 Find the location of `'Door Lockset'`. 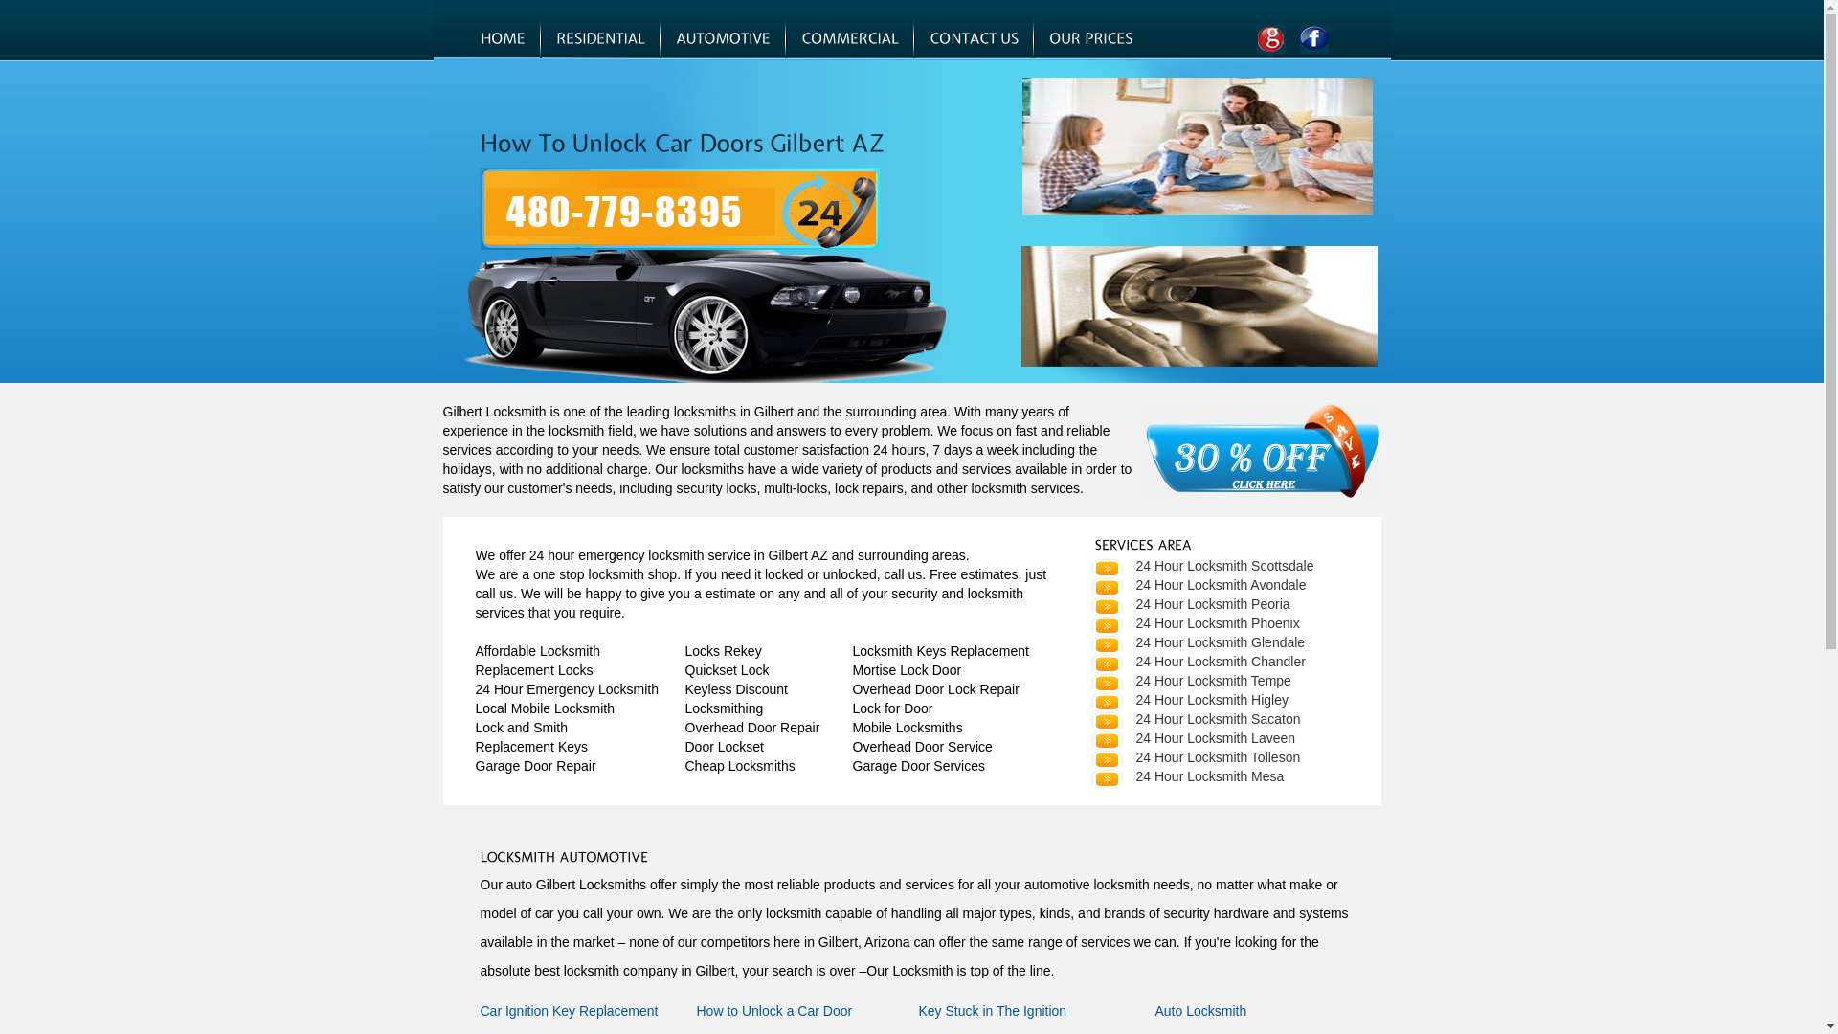

'Door Lockset' is located at coordinates (724, 745).